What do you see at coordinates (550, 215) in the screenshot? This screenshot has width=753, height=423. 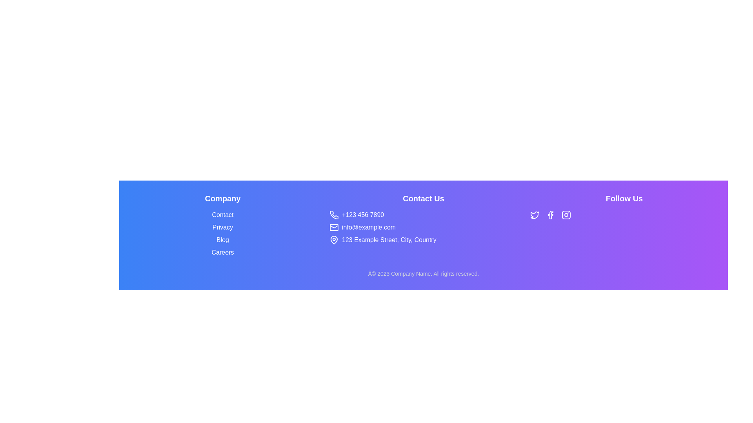 I see `the Facebook icon in the 'Follow Us' section of the footer` at bounding box center [550, 215].